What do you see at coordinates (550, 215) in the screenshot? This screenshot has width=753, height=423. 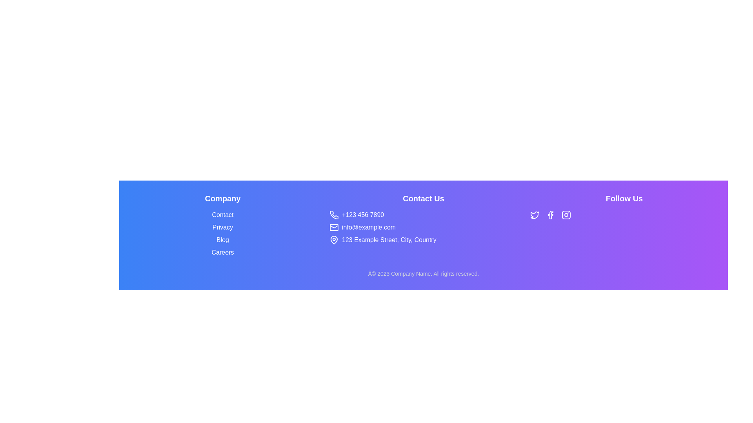 I see `the Facebook icon in the 'Follow Us' section of the footer` at bounding box center [550, 215].